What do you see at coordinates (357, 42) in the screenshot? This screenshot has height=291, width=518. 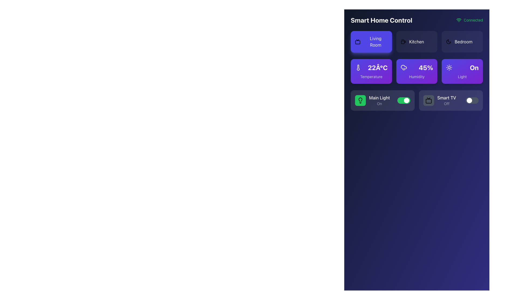 I see `the lower rectangular component of the television icon, which is positioned under the triangular antenna shape` at bounding box center [357, 42].